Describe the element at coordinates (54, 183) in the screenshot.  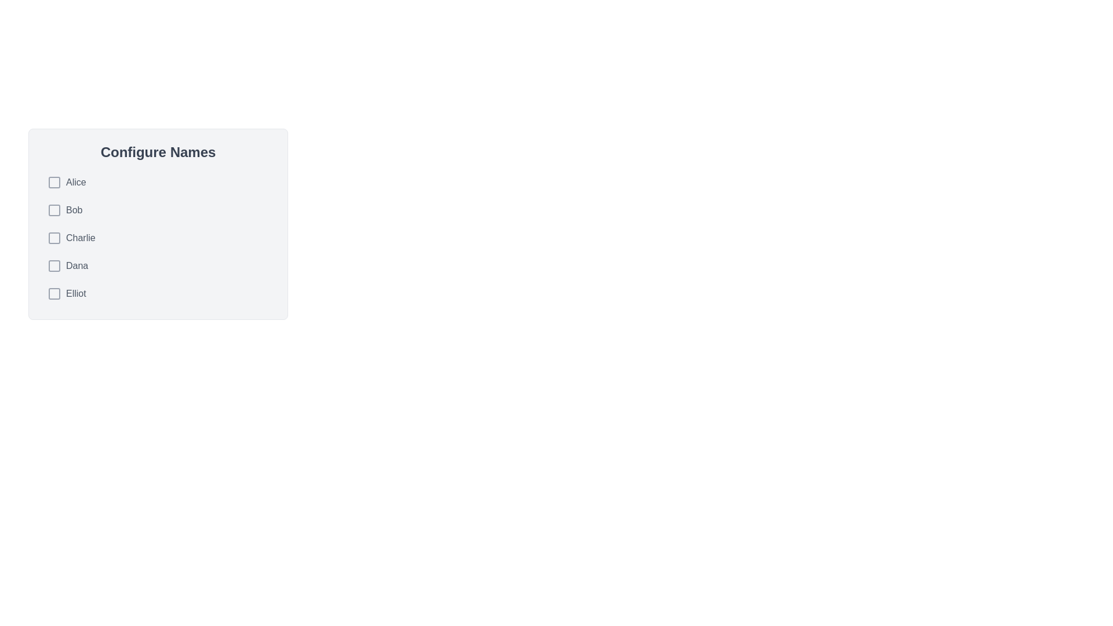
I see `the checkbox for 'Alice', which is the first element in a vertical list under the header 'Configure Names'` at that location.